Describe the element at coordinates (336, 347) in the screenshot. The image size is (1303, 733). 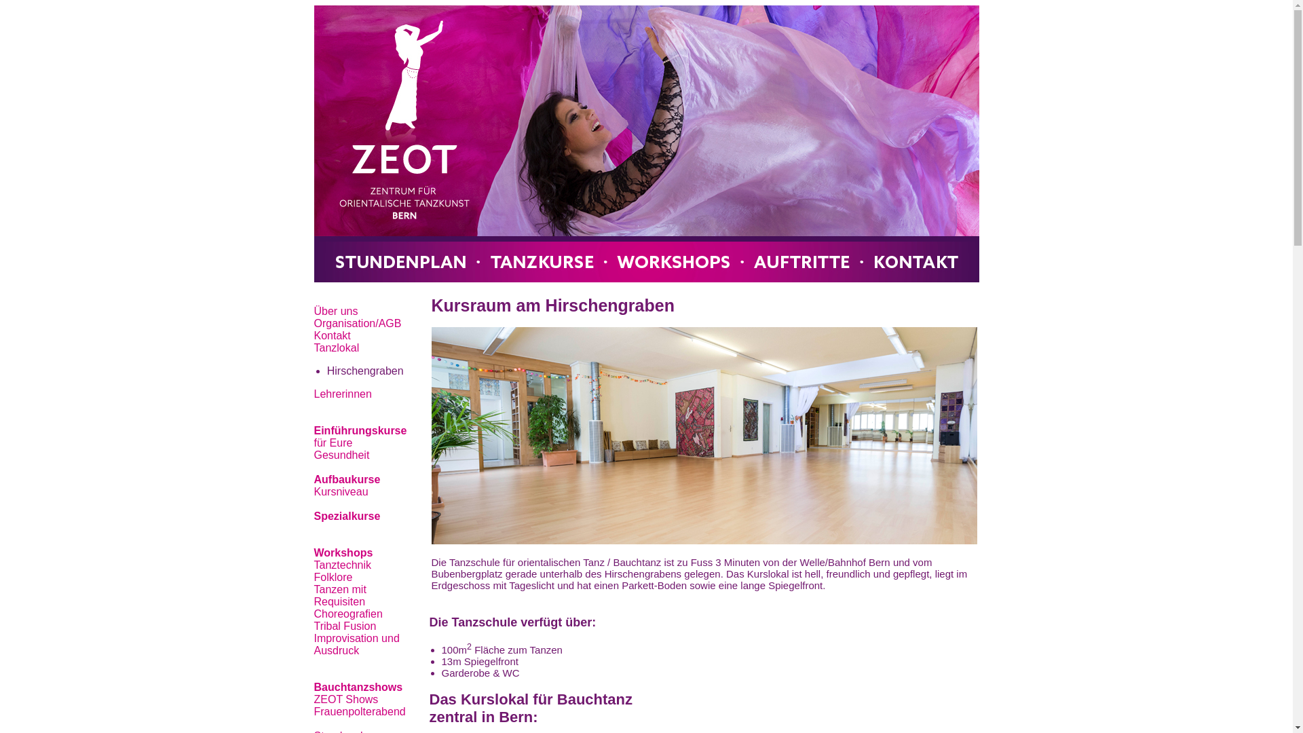
I see `'Tanzlokal'` at that location.